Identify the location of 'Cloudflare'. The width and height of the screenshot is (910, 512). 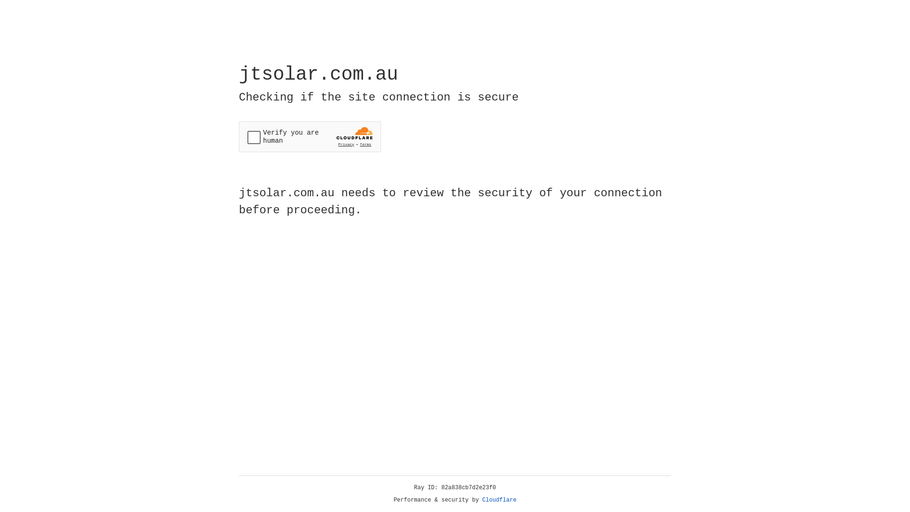
(482, 500).